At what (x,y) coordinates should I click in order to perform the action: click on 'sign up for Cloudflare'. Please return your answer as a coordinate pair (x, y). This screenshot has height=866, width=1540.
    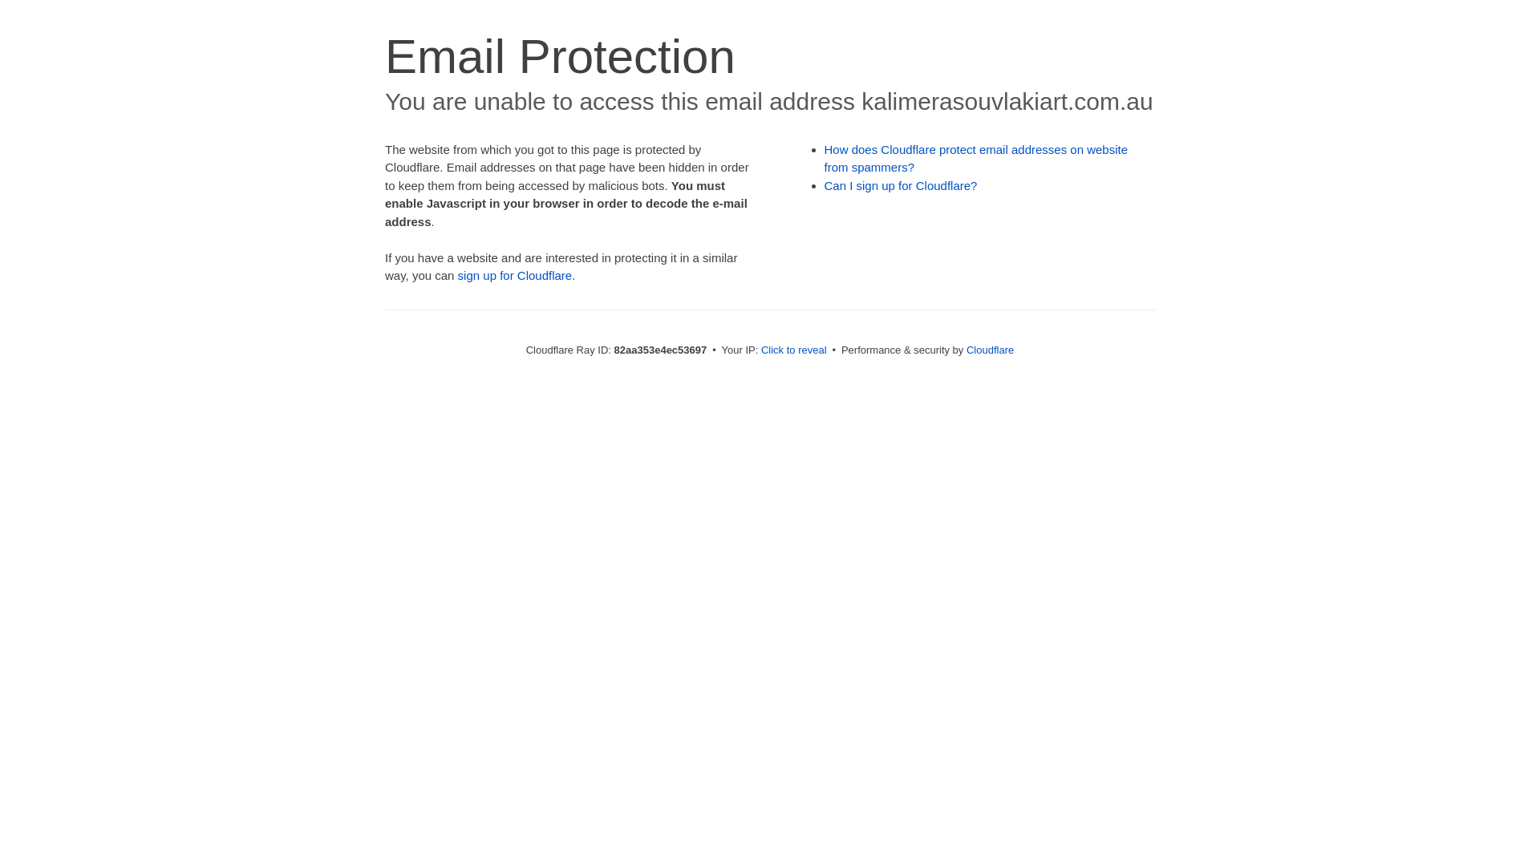
    Looking at the image, I should click on (515, 274).